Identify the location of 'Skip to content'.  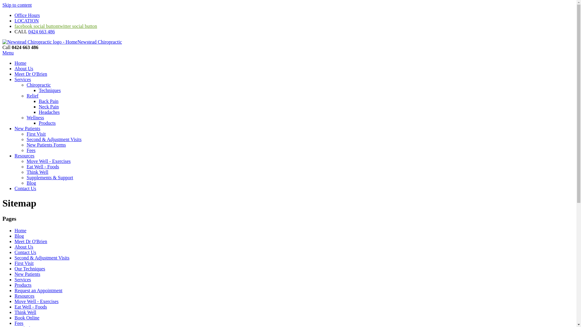
(17, 5).